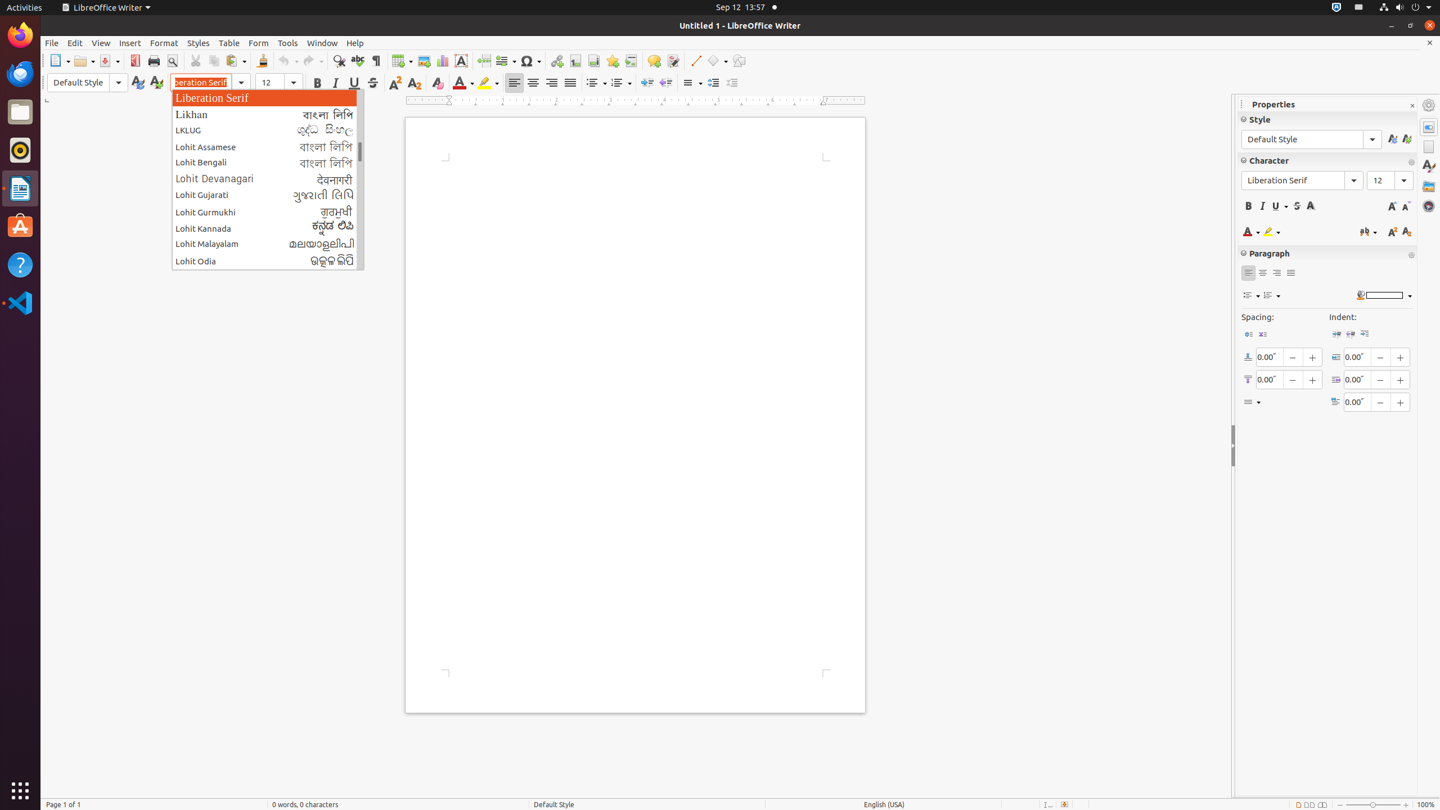 The height and width of the screenshot is (810, 1440). I want to click on 'Endnote', so click(593, 60).